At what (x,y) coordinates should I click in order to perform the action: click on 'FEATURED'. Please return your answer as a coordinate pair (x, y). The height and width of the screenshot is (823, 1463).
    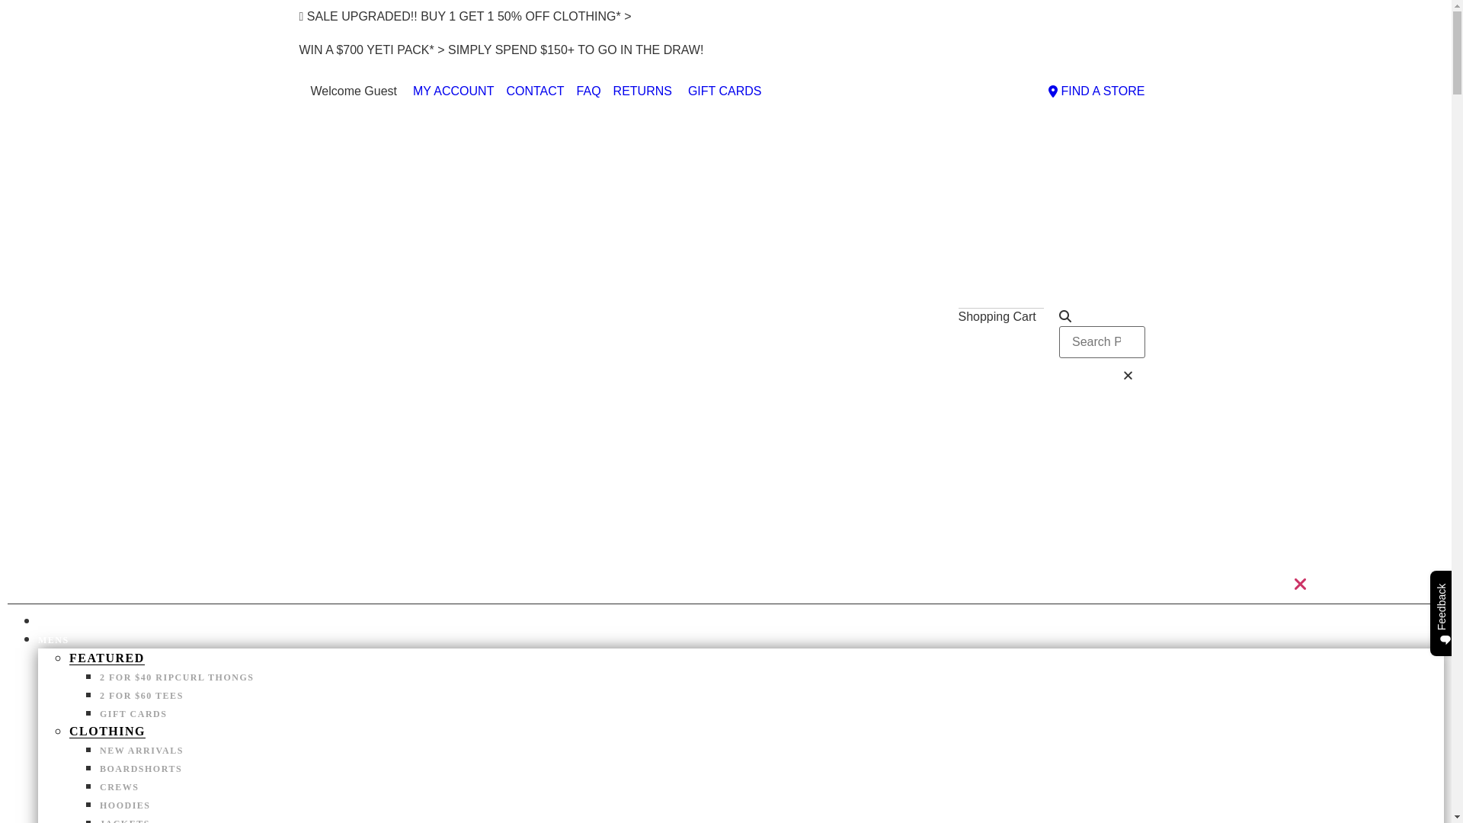
    Looking at the image, I should click on (106, 658).